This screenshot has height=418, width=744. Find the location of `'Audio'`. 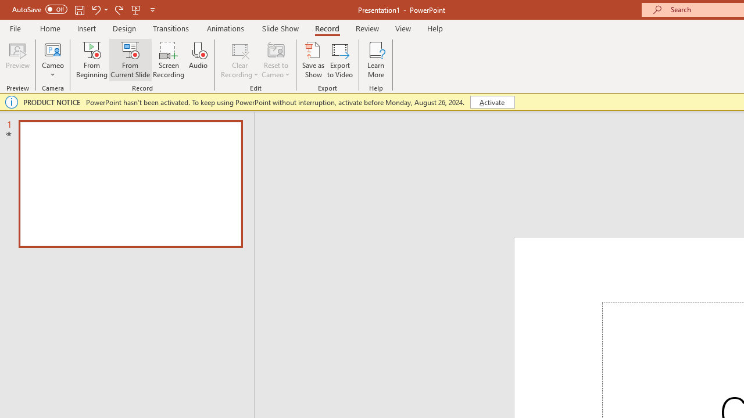

'Audio' is located at coordinates (198, 60).